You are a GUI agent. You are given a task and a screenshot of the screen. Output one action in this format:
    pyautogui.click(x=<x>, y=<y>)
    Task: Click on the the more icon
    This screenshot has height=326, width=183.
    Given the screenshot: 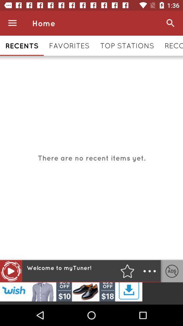 What is the action you would take?
    pyautogui.click(x=149, y=271)
    